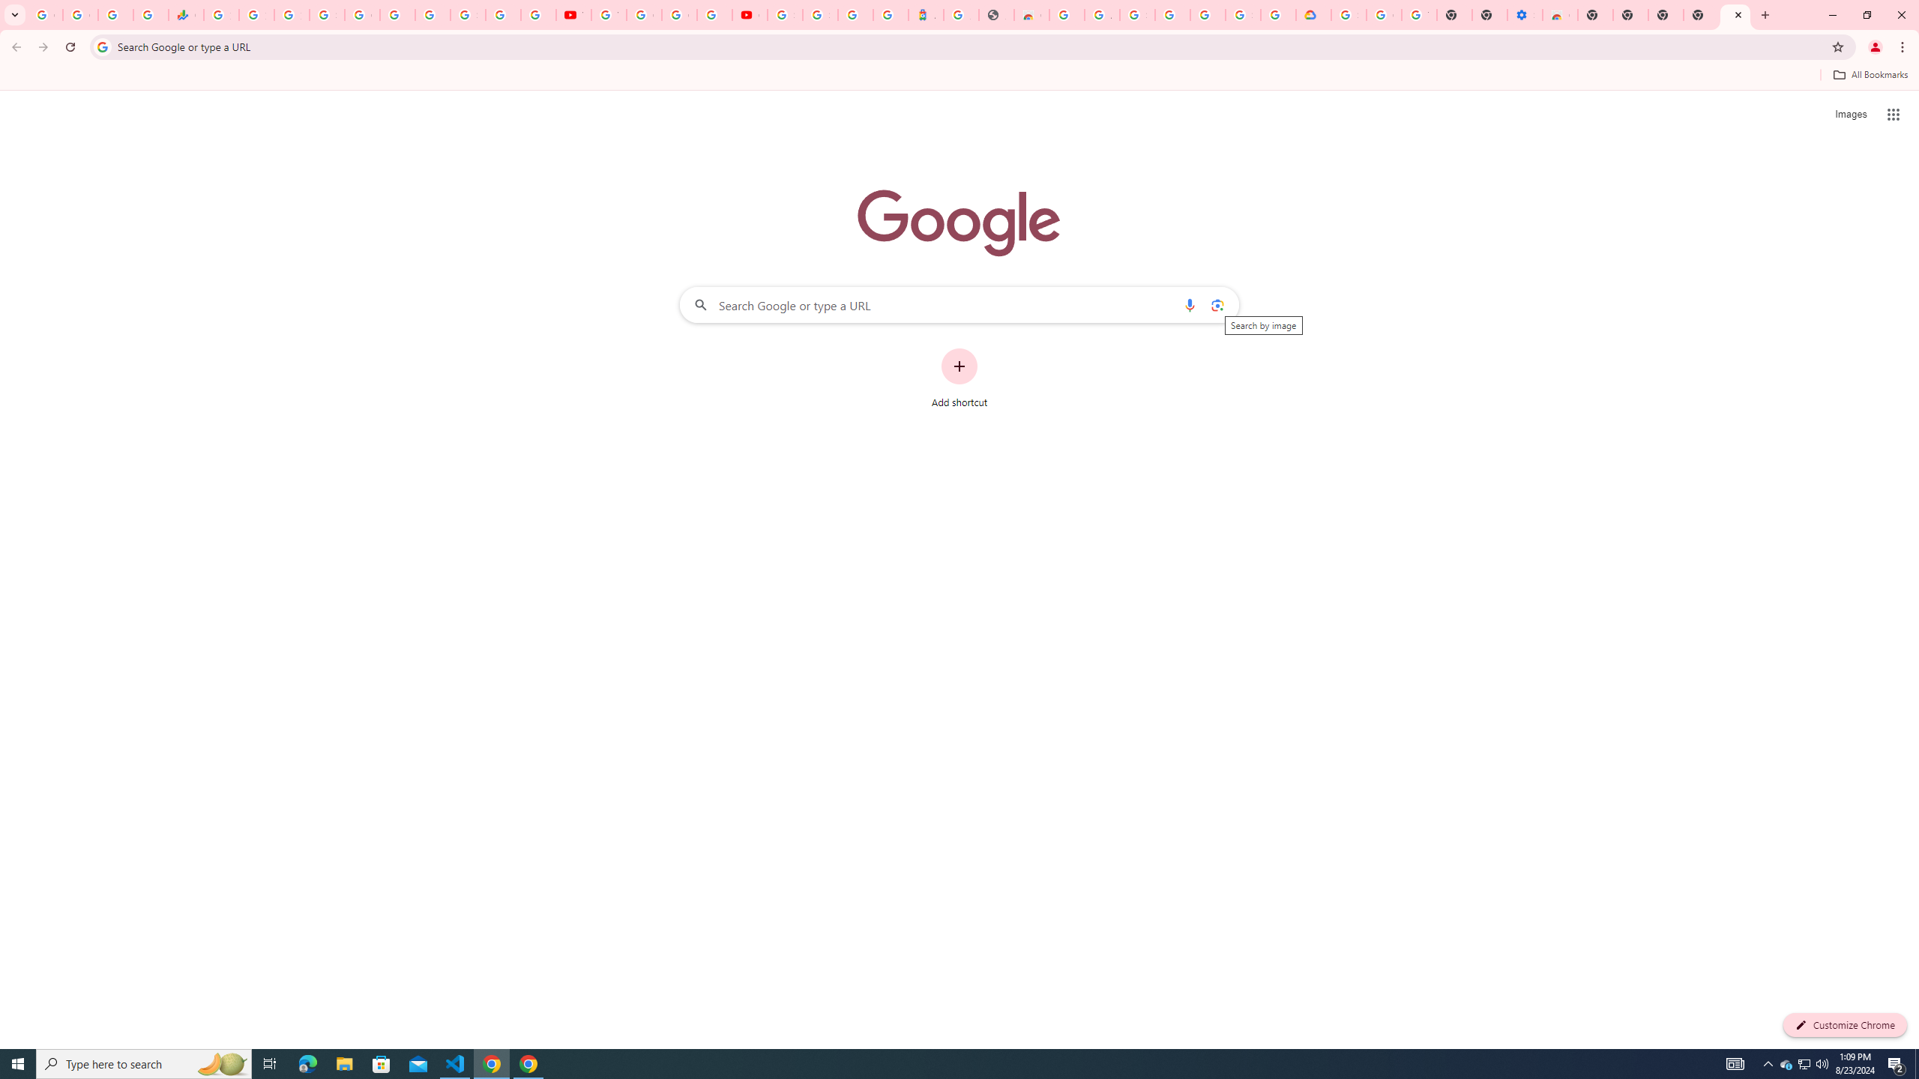 Image resolution: width=1919 pixels, height=1079 pixels. What do you see at coordinates (959, 303) in the screenshot?
I see `'Search Google or type a URL'` at bounding box center [959, 303].